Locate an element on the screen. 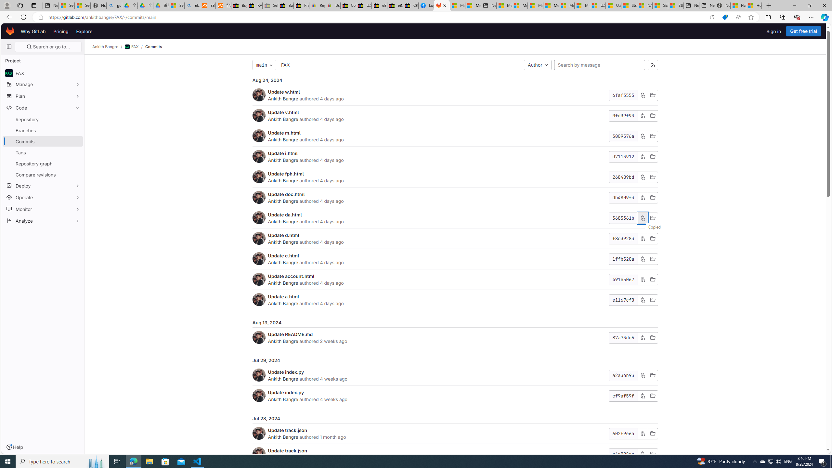 The height and width of the screenshot is (468, 832). 'Ankith Bangre/' is located at coordinates (109, 46).